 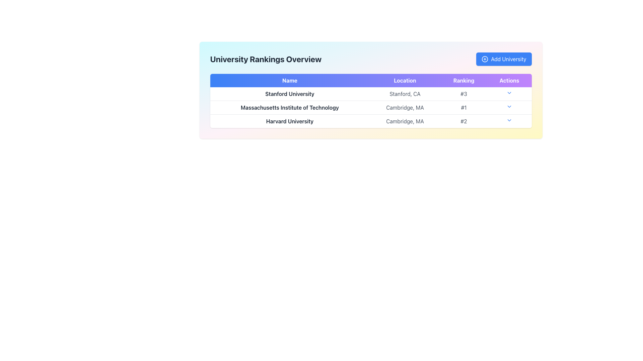 What do you see at coordinates (463, 80) in the screenshot?
I see `the text label 'Ranking', which is centrally aligned with white text on a purple background, located in the upper center area of the interface` at bounding box center [463, 80].